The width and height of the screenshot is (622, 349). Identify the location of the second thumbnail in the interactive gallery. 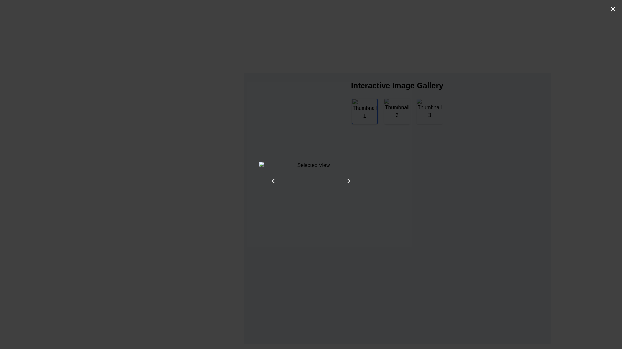
(397, 111).